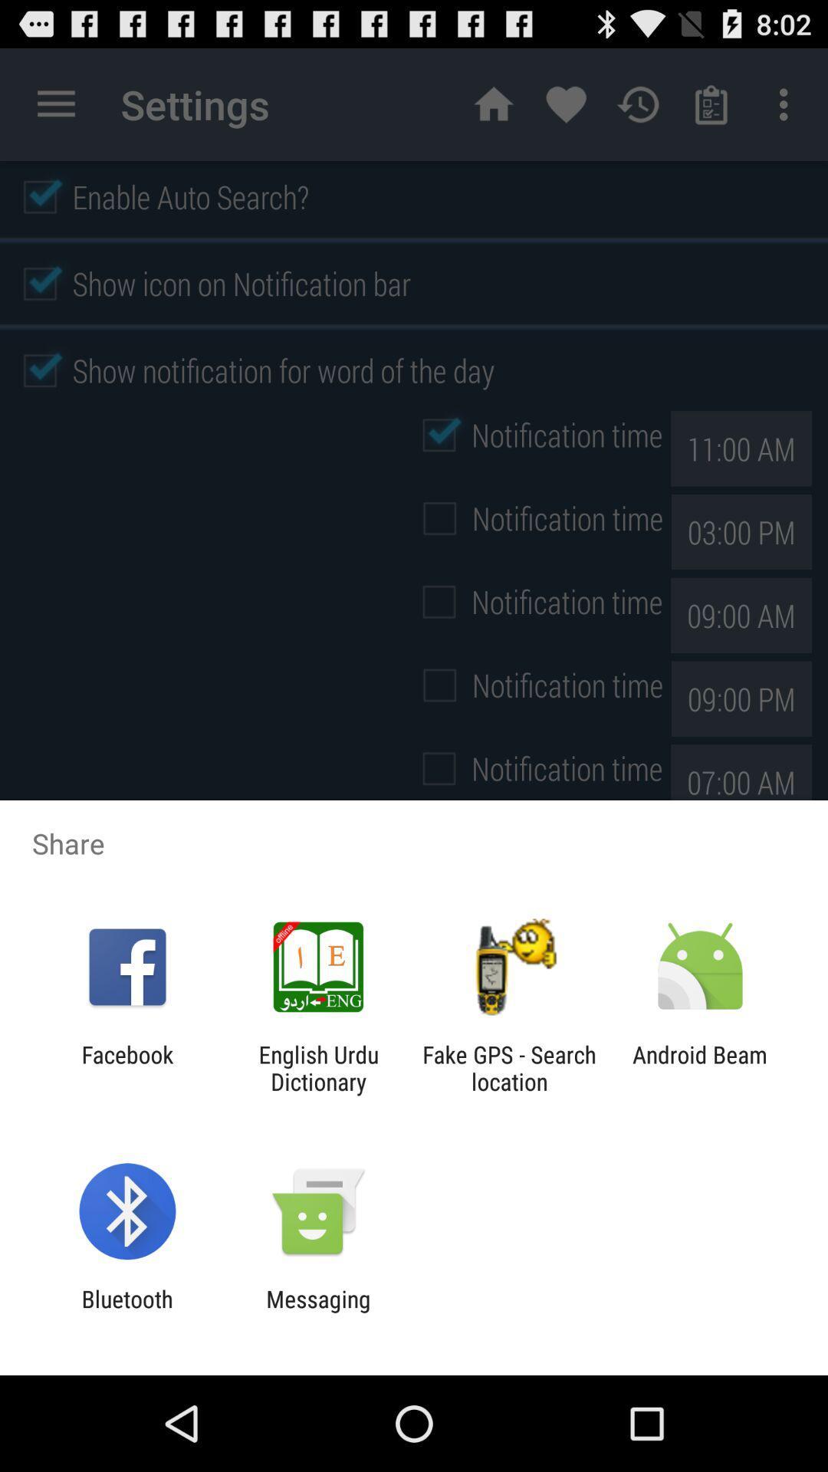  Describe the element at coordinates (127, 1312) in the screenshot. I see `icon to the left of messaging` at that location.